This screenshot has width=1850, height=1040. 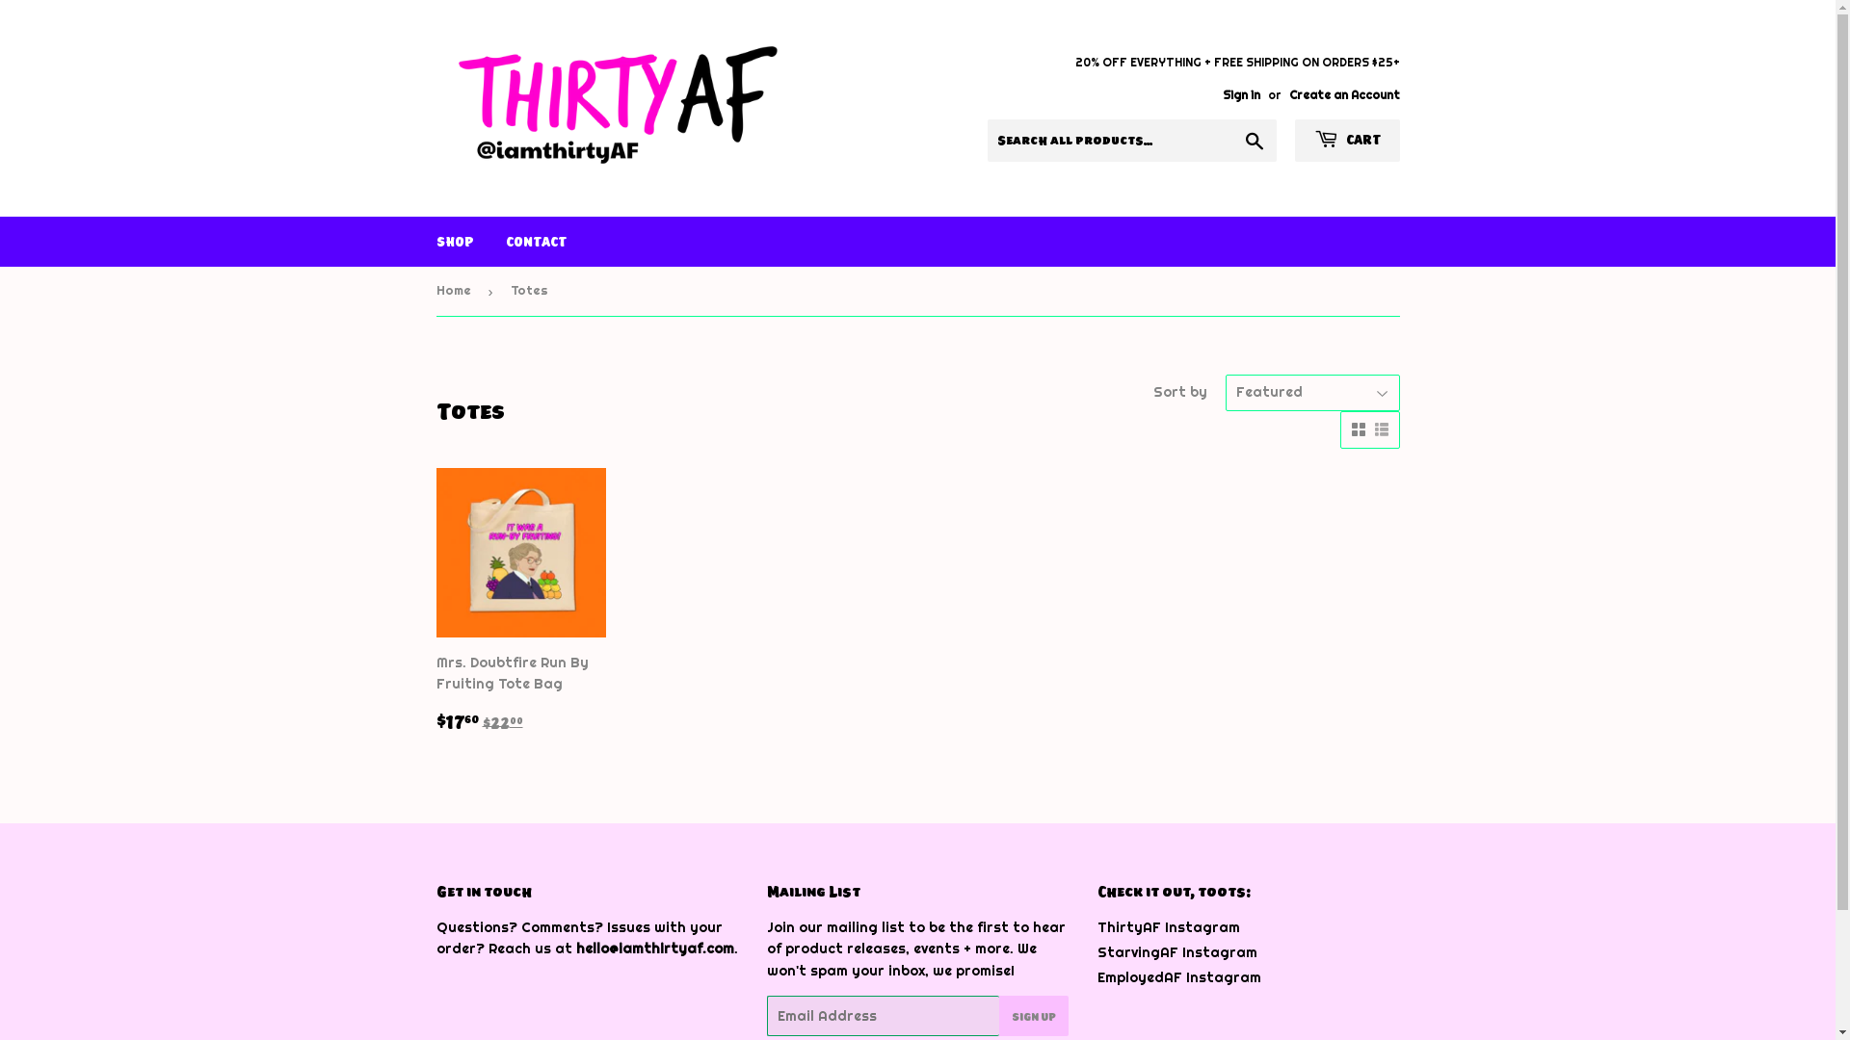 I want to click on 'ThirtyAF Instagram', so click(x=1168, y=926).